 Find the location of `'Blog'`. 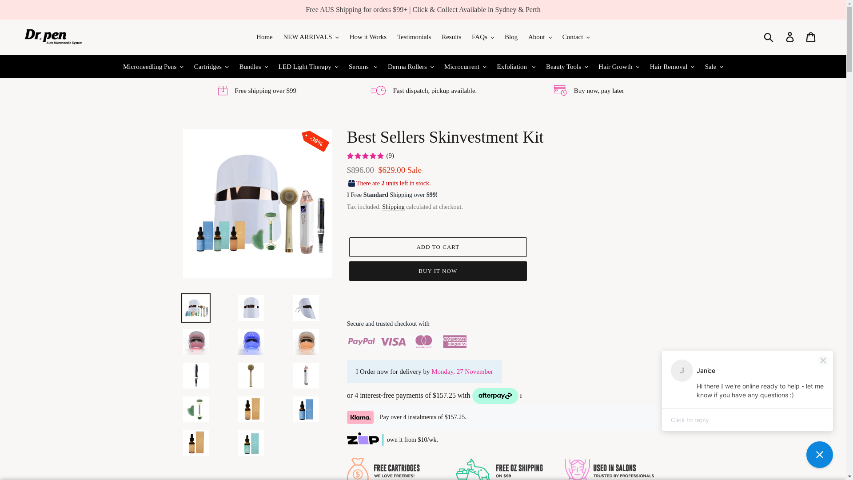

'Blog' is located at coordinates (511, 36).